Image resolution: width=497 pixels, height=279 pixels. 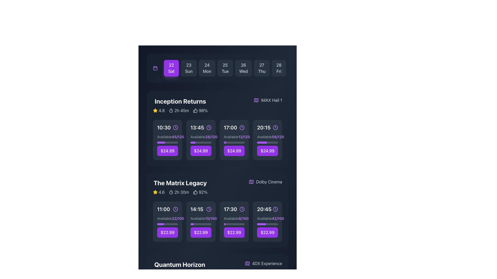 What do you see at coordinates (234, 232) in the screenshot?
I see `the button` at bounding box center [234, 232].